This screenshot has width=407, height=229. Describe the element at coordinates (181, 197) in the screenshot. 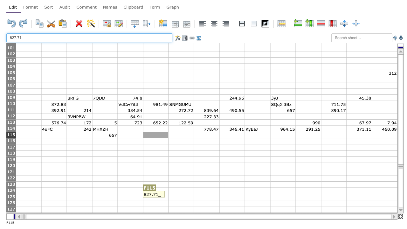

I see `G125` at that location.